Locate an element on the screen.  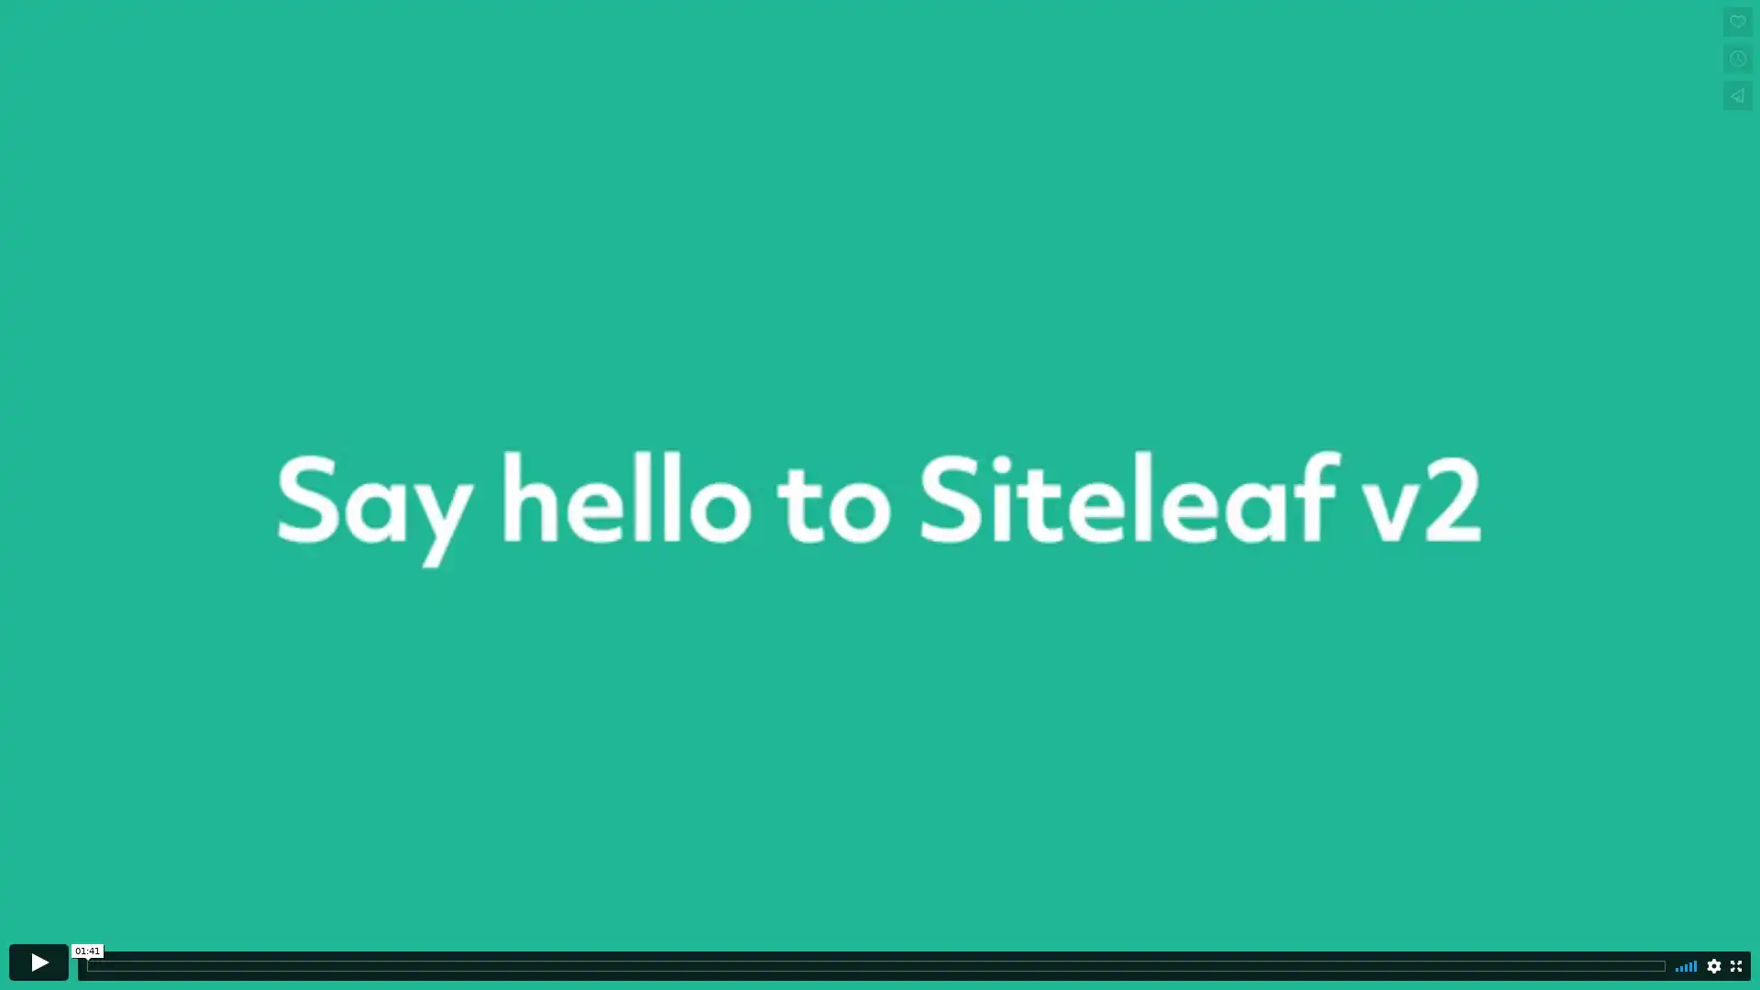
Enter full screen is located at coordinates (1735, 964).